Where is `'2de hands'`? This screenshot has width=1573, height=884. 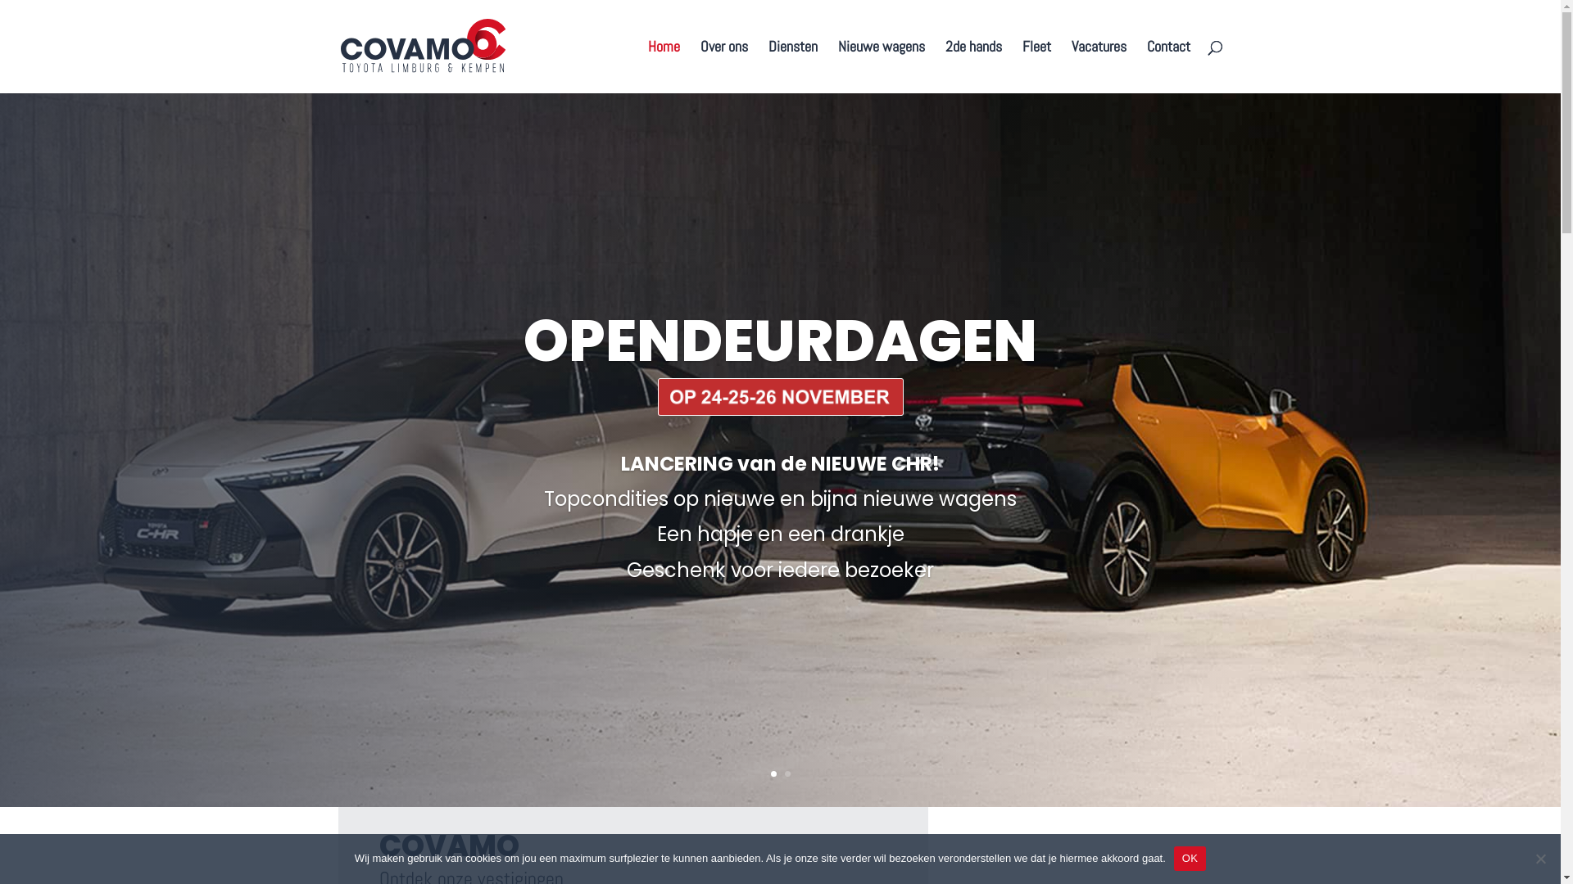 '2de hands' is located at coordinates (973, 65).